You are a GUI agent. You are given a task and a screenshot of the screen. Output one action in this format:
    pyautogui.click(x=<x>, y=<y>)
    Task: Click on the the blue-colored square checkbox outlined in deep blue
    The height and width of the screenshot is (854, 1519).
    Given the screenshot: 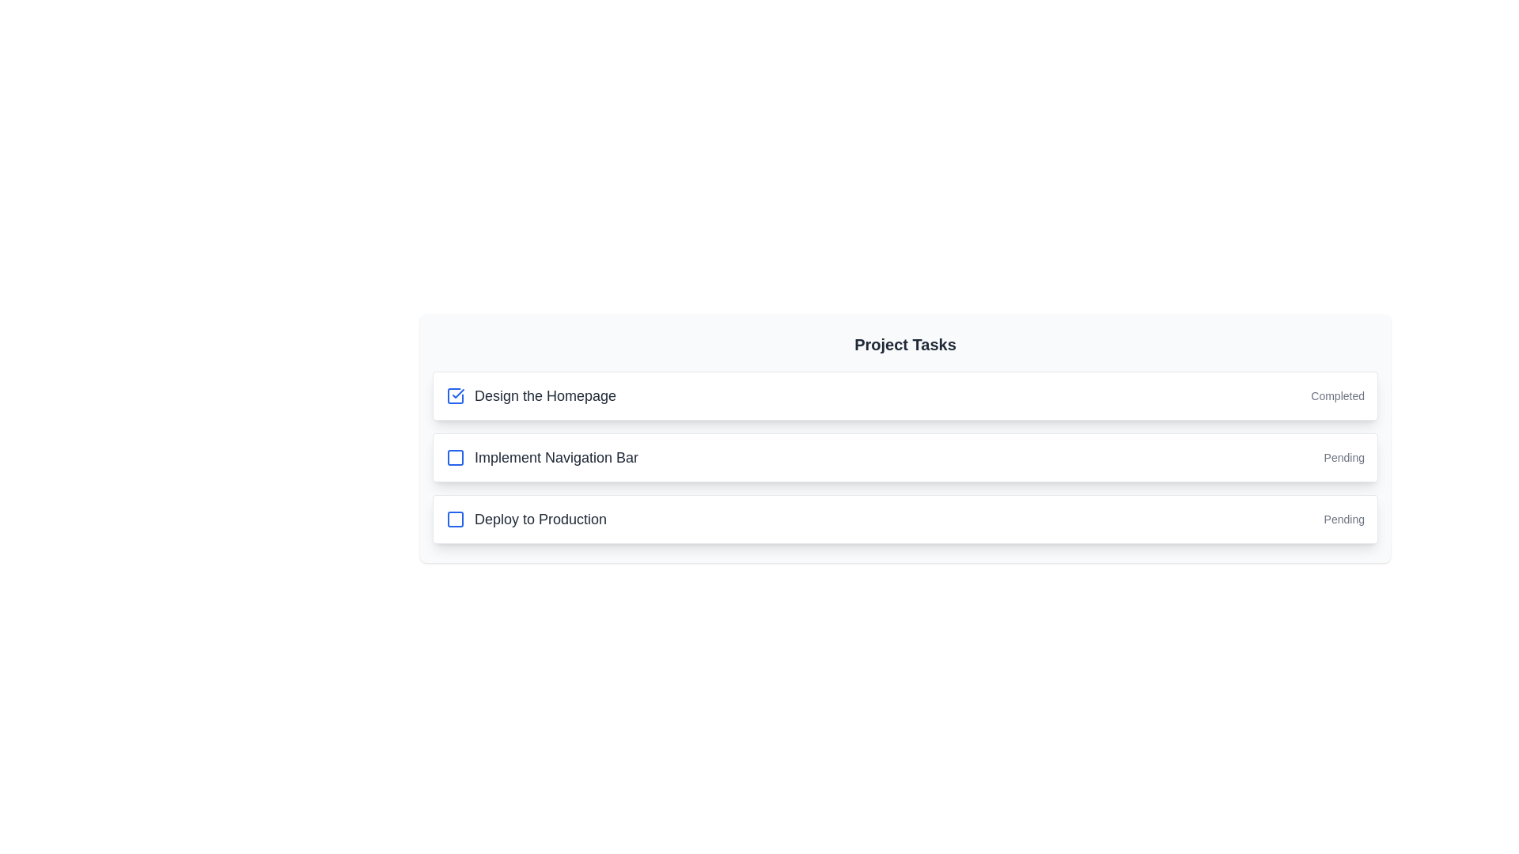 What is the action you would take?
    pyautogui.click(x=455, y=457)
    